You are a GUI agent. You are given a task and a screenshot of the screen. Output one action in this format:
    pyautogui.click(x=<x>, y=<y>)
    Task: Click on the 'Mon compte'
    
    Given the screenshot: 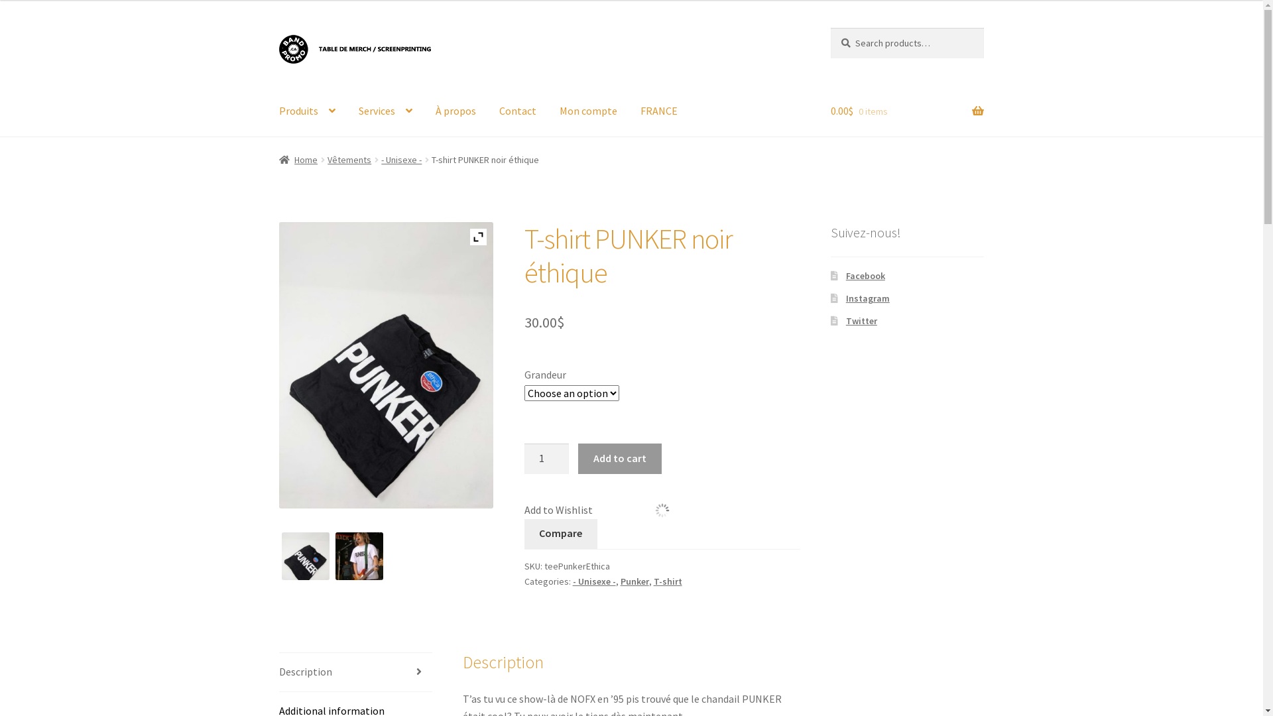 What is the action you would take?
    pyautogui.click(x=587, y=111)
    